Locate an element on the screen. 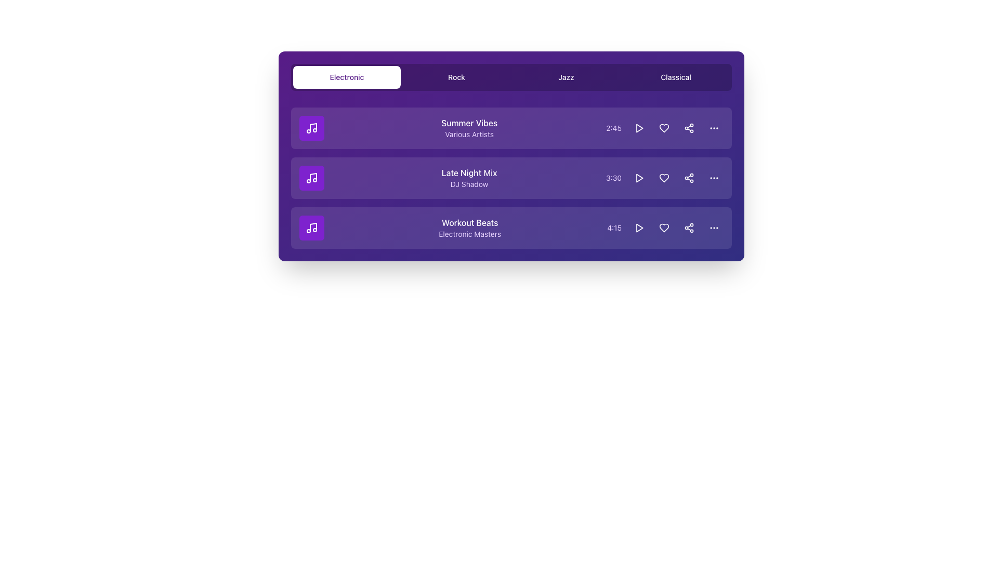 This screenshot has height=561, width=998. the first interactive button in the 'Late Night Mix' music row is located at coordinates (638, 178).